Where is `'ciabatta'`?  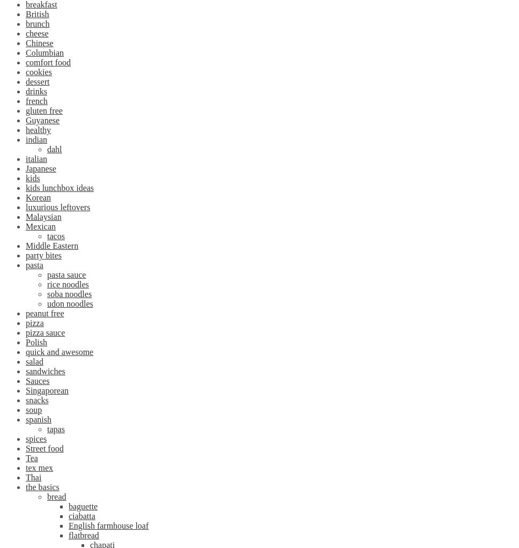 'ciabatta' is located at coordinates (81, 515).